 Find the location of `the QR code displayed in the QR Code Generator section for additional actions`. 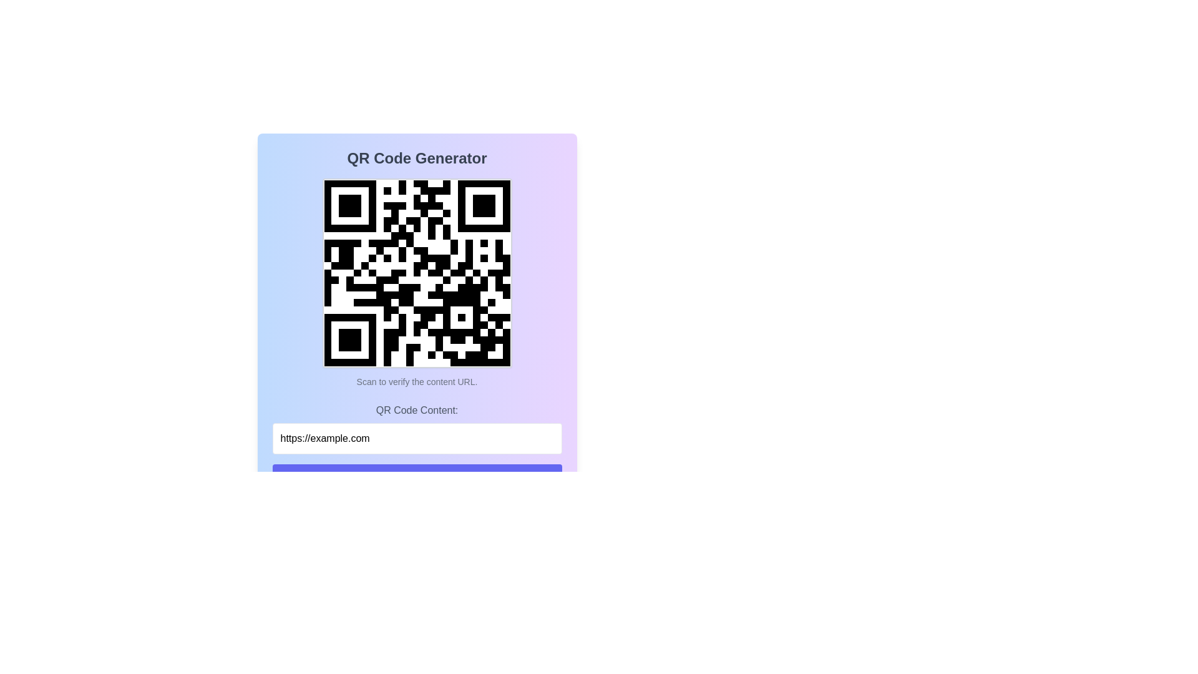

the QR code displayed in the QR Code Generator section for additional actions is located at coordinates (417, 283).